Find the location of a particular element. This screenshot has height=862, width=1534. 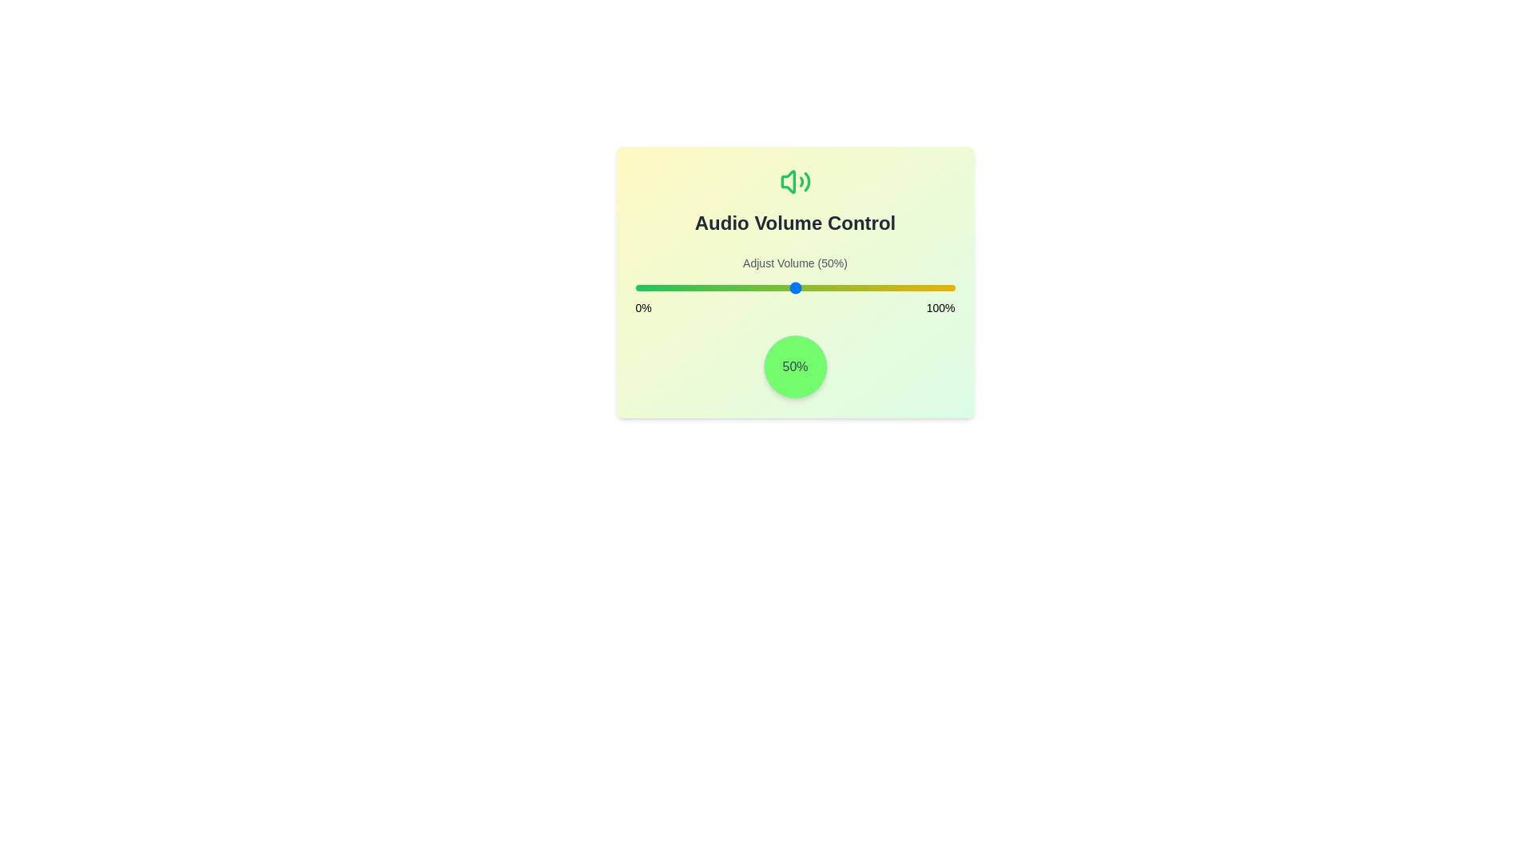

the 'Audio Volume Control' title is located at coordinates (795, 200).